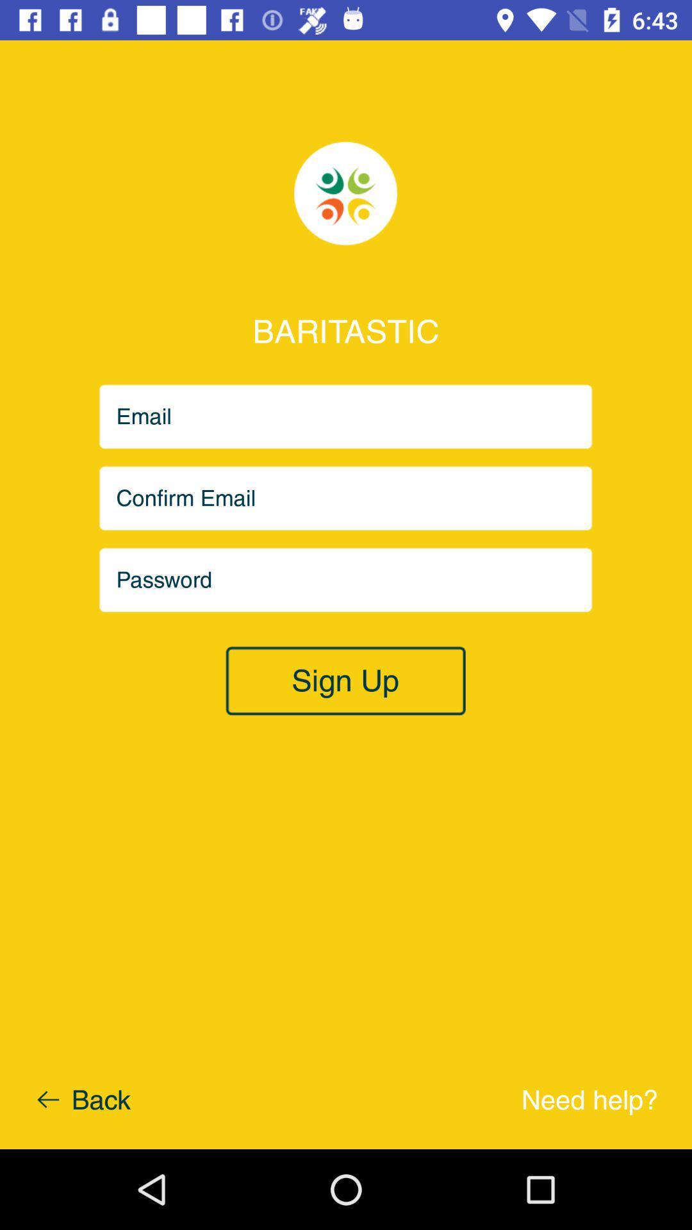 This screenshot has height=1230, width=692. I want to click on password, so click(346, 579).